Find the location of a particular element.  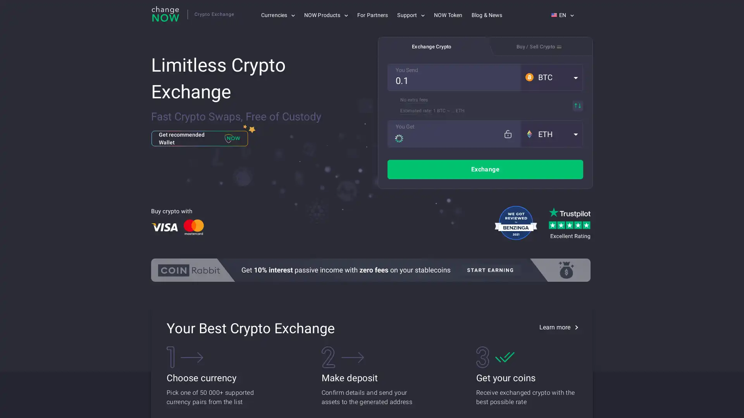

Exchange Crypto is located at coordinates (431, 46).